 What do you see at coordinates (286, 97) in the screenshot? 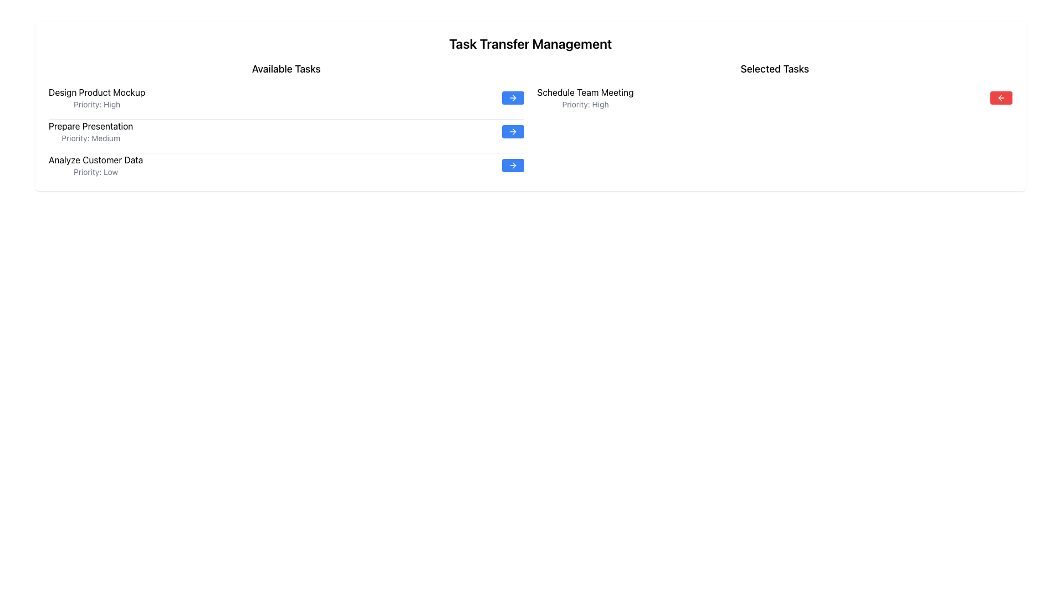
I see `the first task entry in the 'Available Tasks' section` at bounding box center [286, 97].